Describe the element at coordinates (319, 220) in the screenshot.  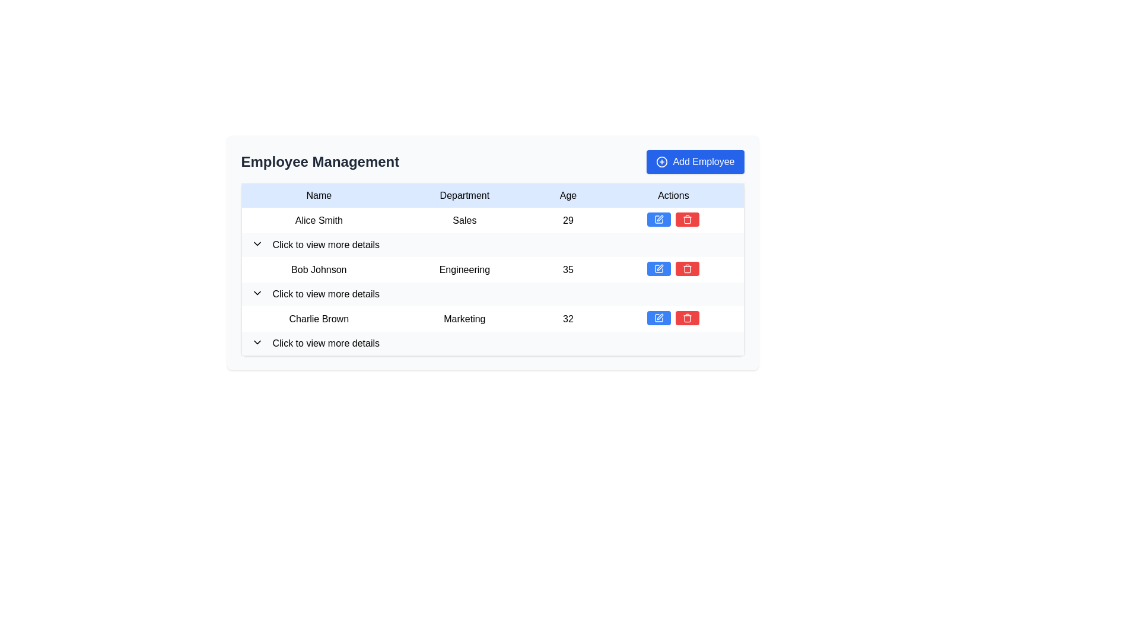
I see `the text label representing the name of the employee in the first row of the employee management table under the 'Name' column` at that location.